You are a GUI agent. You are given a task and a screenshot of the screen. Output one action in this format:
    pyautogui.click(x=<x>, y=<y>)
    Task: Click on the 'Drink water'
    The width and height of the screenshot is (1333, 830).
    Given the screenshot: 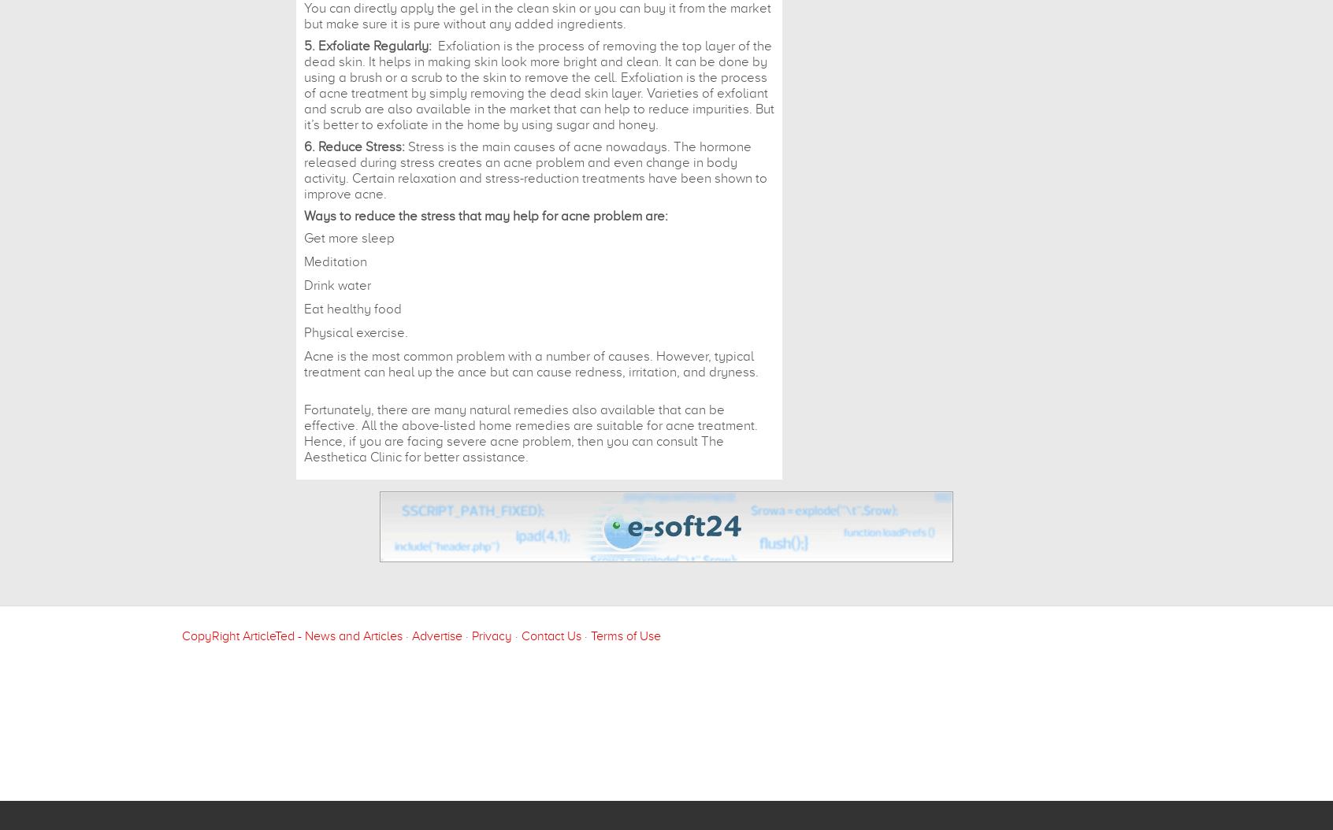 What is the action you would take?
    pyautogui.click(x=336, y=285)
    